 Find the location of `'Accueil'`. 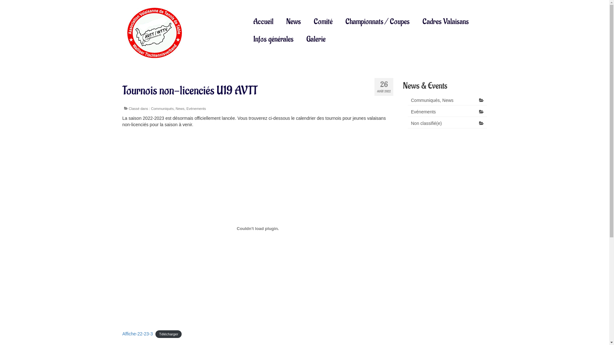

'Accueil' is located at coordinates (263, 21).